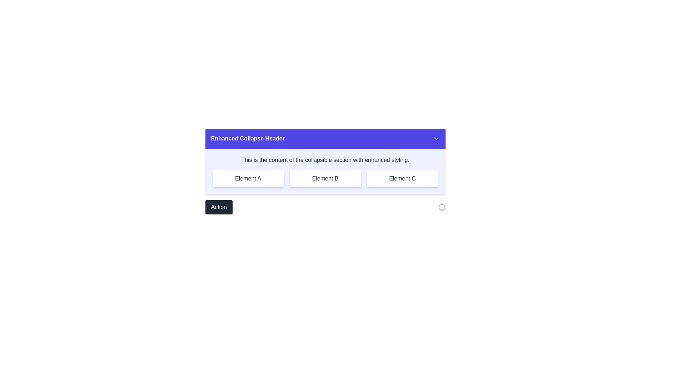 This screenshot has width=686, height=386. I want to click on the bold text label displaying 'Enhanced Collapse Header' for copying, so click(248, 139).